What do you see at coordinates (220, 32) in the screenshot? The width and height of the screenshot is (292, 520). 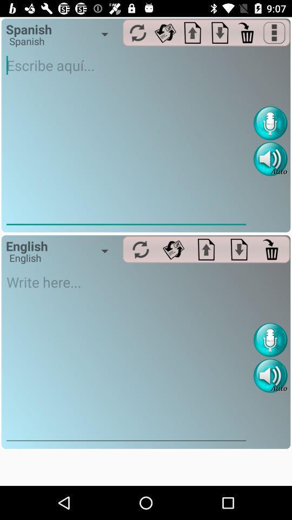 I see `switch notecard placement` at bounding box center [220, 32].